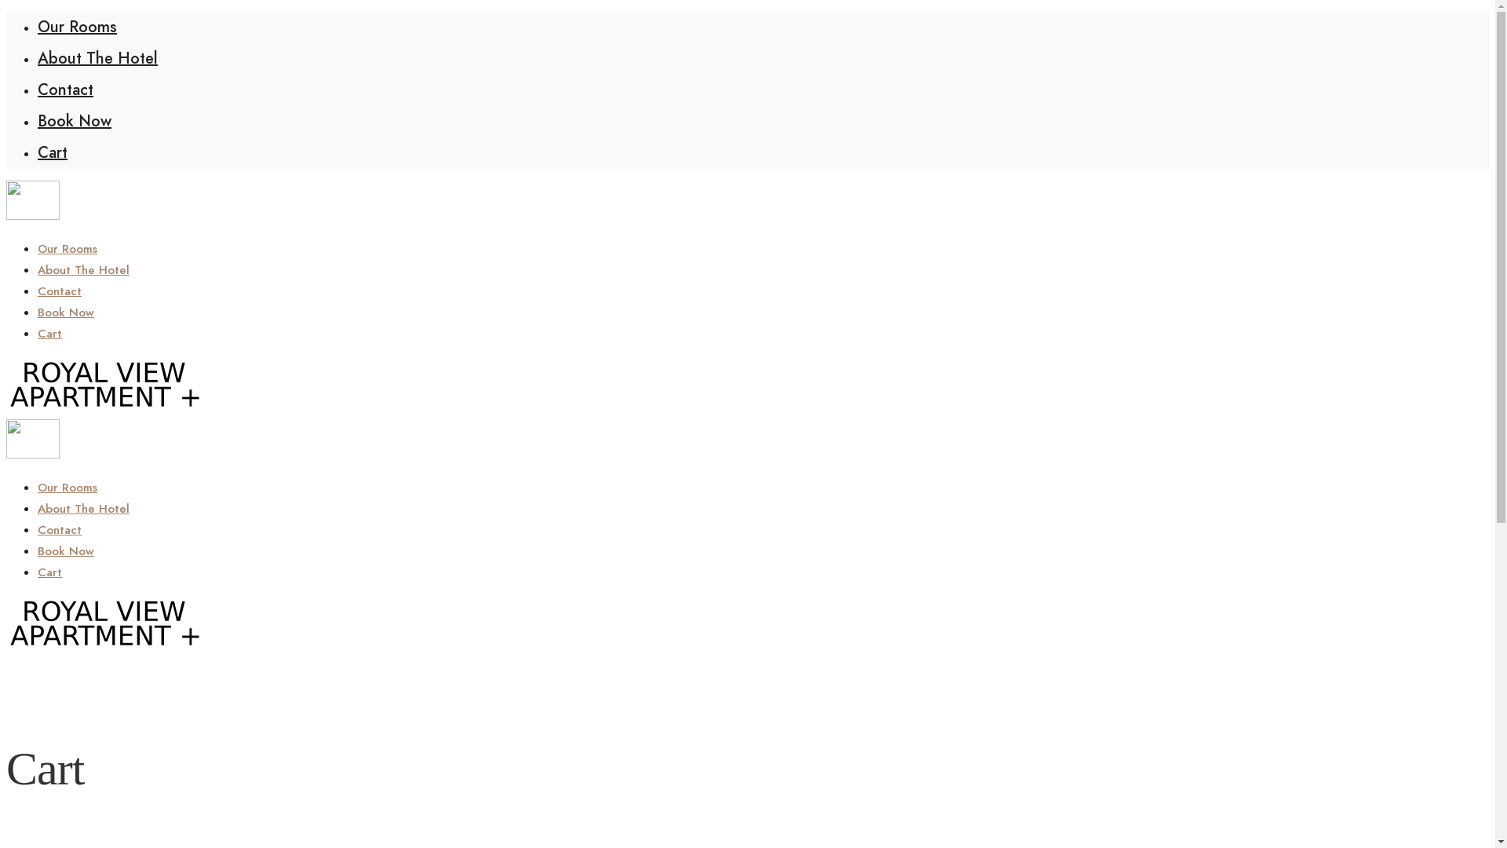 This screenshot has width=1507, height=848. Describe the element at coordinates (49, 572) in the screenshot. I see `'Cart'` at that location.